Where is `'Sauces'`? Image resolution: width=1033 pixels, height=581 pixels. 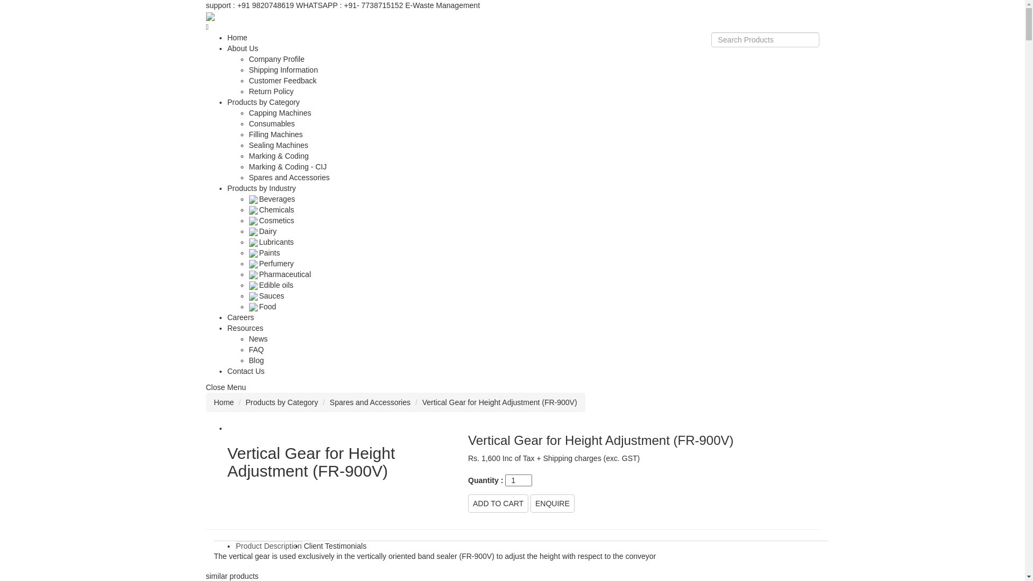
'Sauces' is located at coordinates (266, 296).